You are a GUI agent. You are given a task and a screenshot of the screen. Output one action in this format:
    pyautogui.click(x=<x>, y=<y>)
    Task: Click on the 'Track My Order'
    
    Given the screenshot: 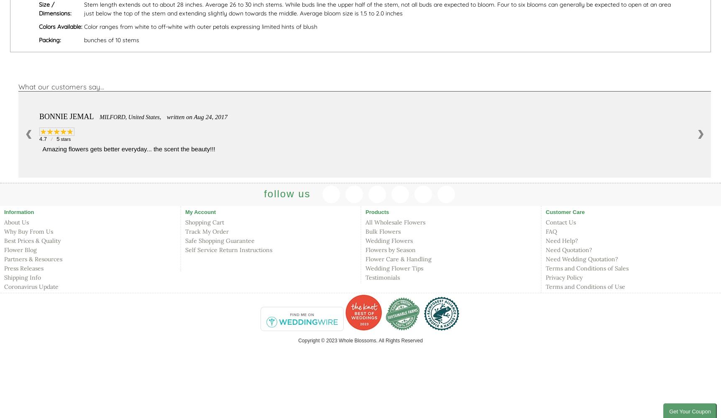 What is the action you would take?
    pyautogui.click(x=207, y=232)
    